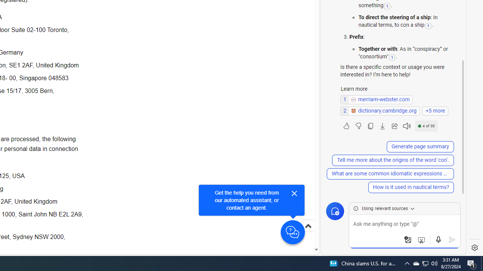 This screenshot has width=483, height=271. I want to click on 'Scroll to top', so click(308, 233).